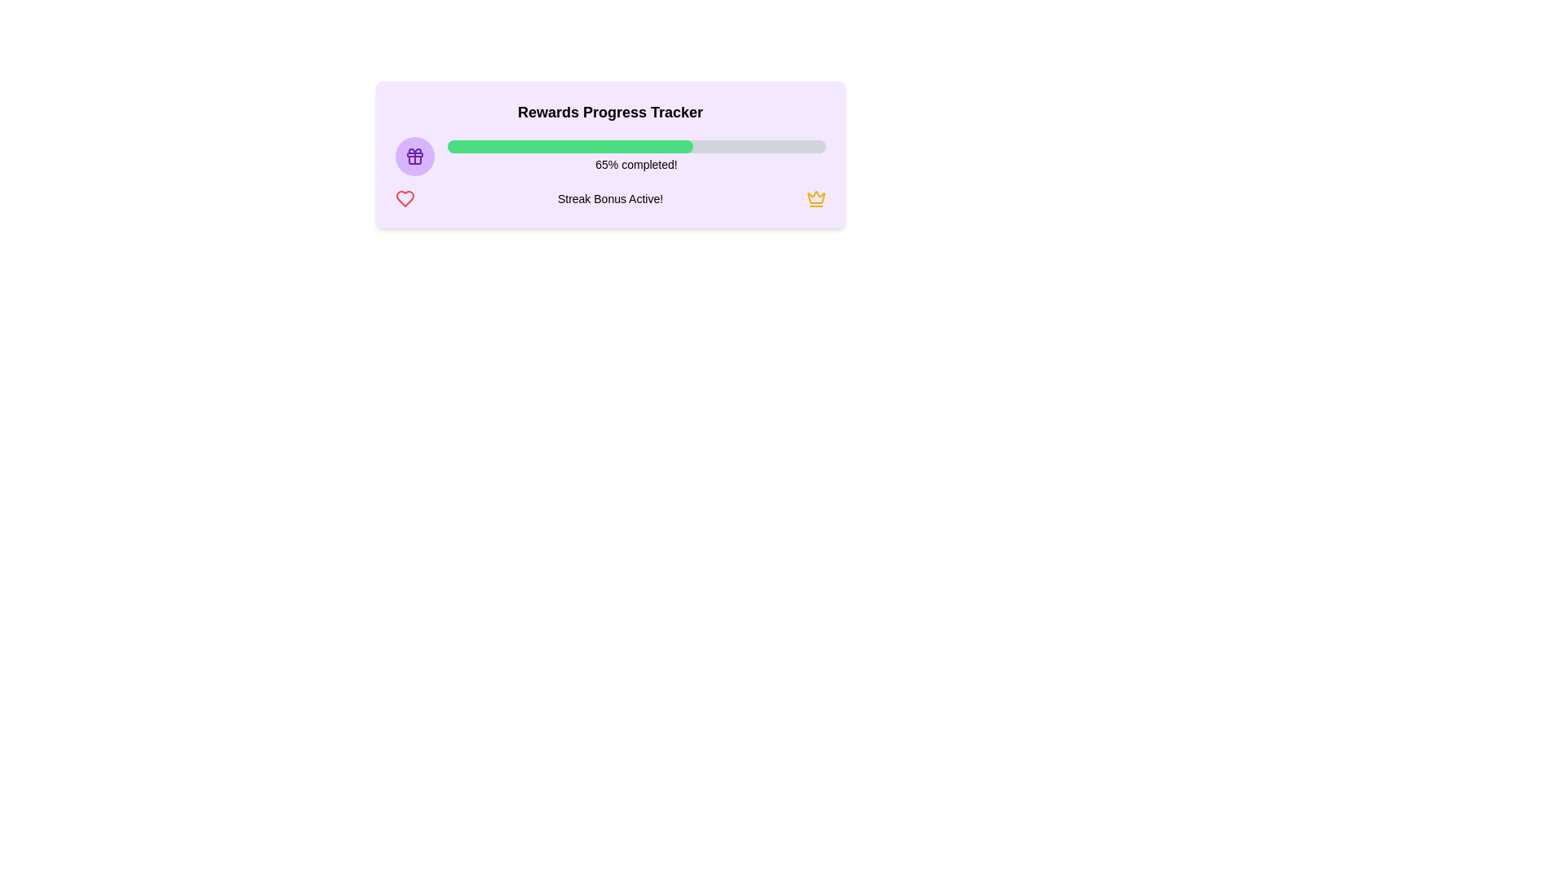  I want to click on the progress indicated by the graphical progress tracker component, which shows a 65% completion towards earning rewards, so click(609, 154).